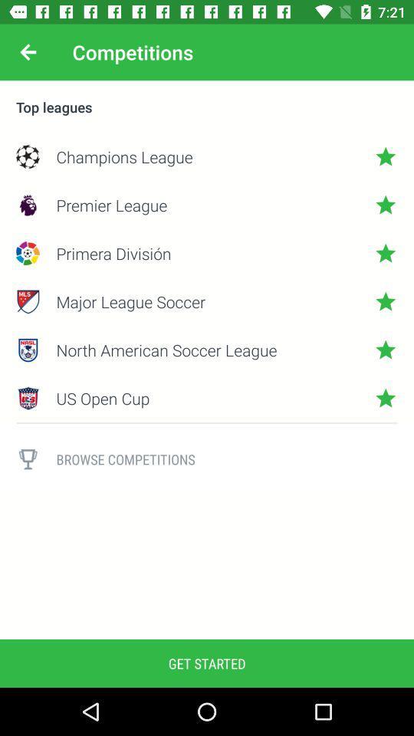 This screenshot has height=736, width=414. What do you see at coordinates (207, 397) in the screenshot?
I see `the us open cup item` at bounding box center [207, 397].